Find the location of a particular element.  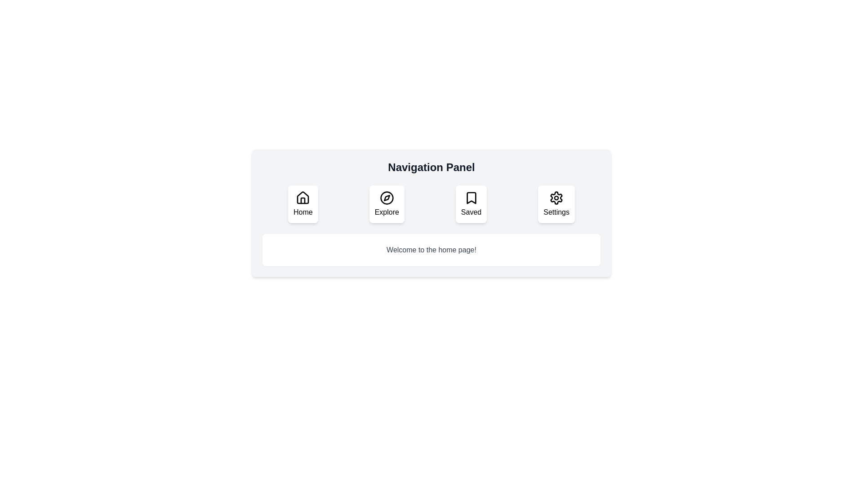

the 'Home' button, which is a rectangular component with a white background, rounded corners, and a house icon above the label 'Home' in bold font, located in the top-left region of the navigation options is located at coordinates (303, 204).